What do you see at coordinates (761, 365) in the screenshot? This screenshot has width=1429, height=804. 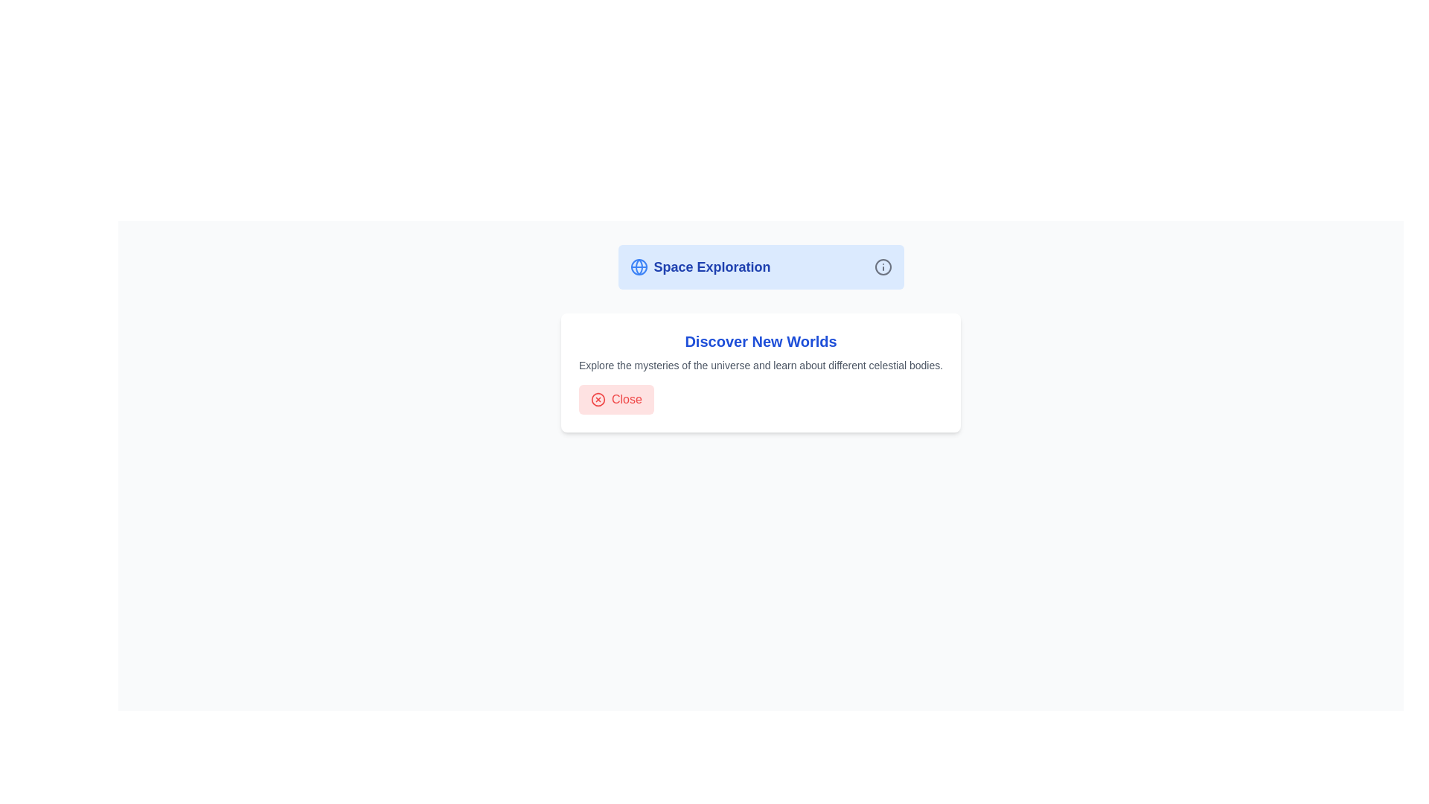 I see `the text element that reads 'Explore the mysteries of the universe and learn about different celestial bodies.' which is located below the heading 'Discover New Worlds' and above the 'Close' button` at bounding box center [761, 365].